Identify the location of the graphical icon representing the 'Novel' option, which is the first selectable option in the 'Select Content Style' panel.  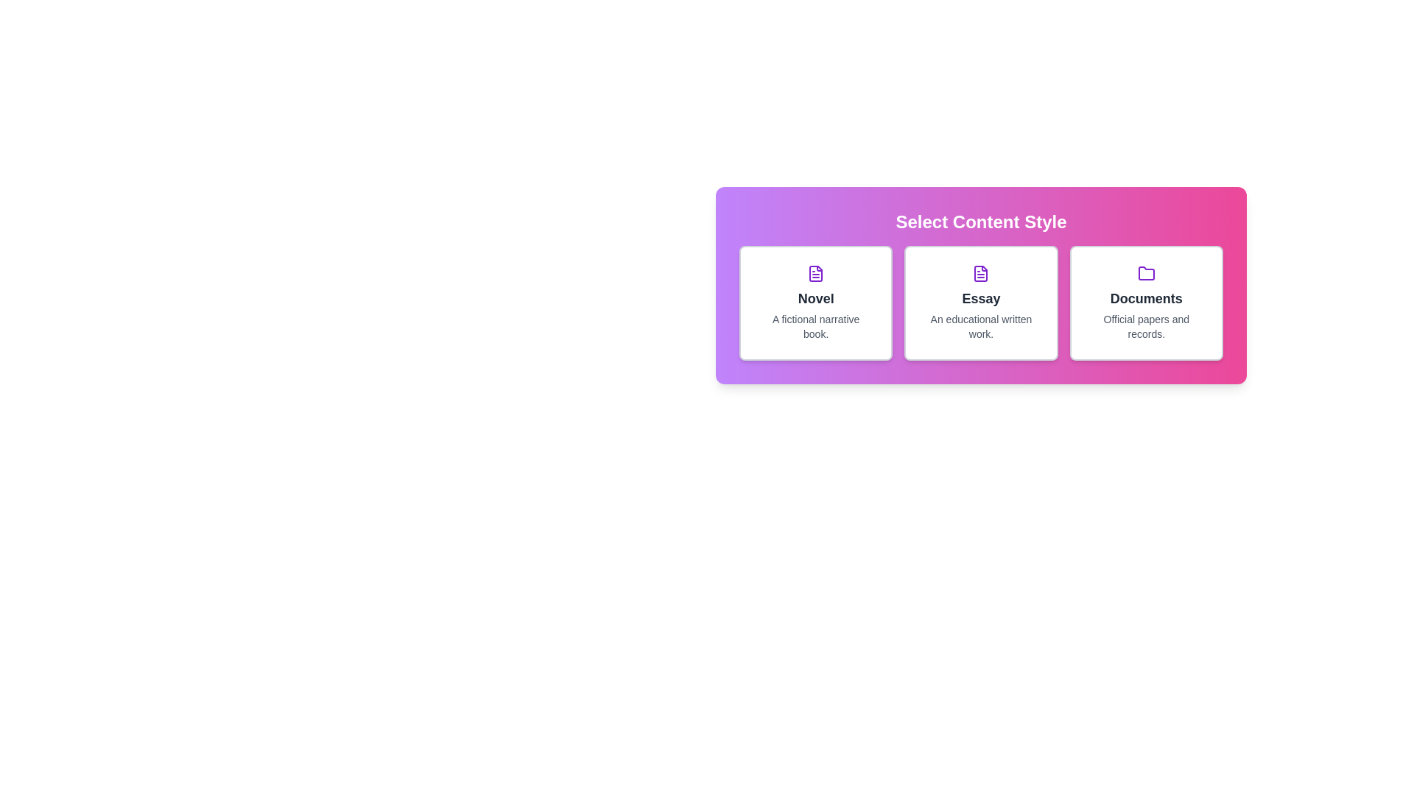
(981, 273).